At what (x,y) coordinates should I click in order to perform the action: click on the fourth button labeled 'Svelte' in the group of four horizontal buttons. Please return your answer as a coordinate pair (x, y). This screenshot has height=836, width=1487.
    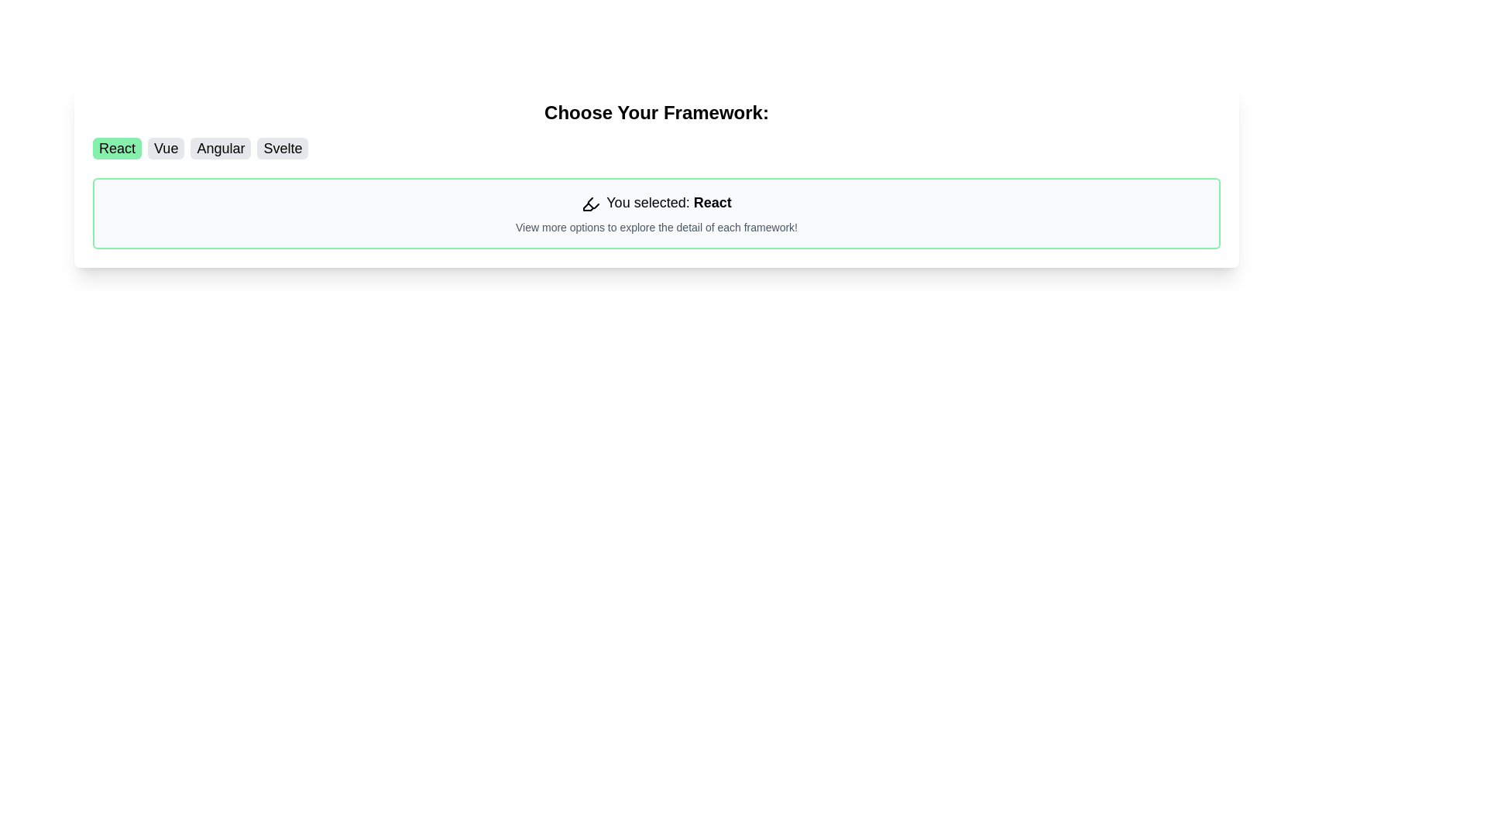
    Looking at the image, I should click on (283, 149).